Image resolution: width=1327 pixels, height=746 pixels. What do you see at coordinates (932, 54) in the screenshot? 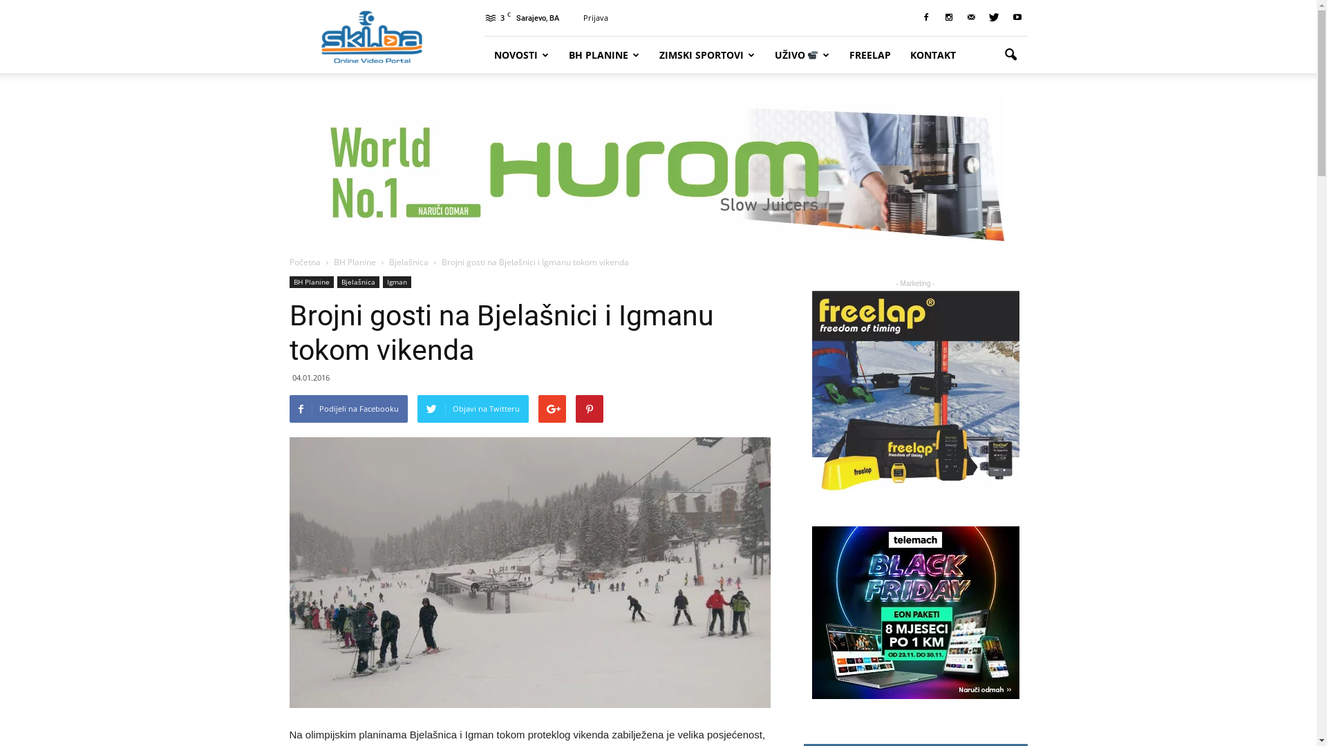
I see `'KONTAKT'` at bounding box center [932, 54].